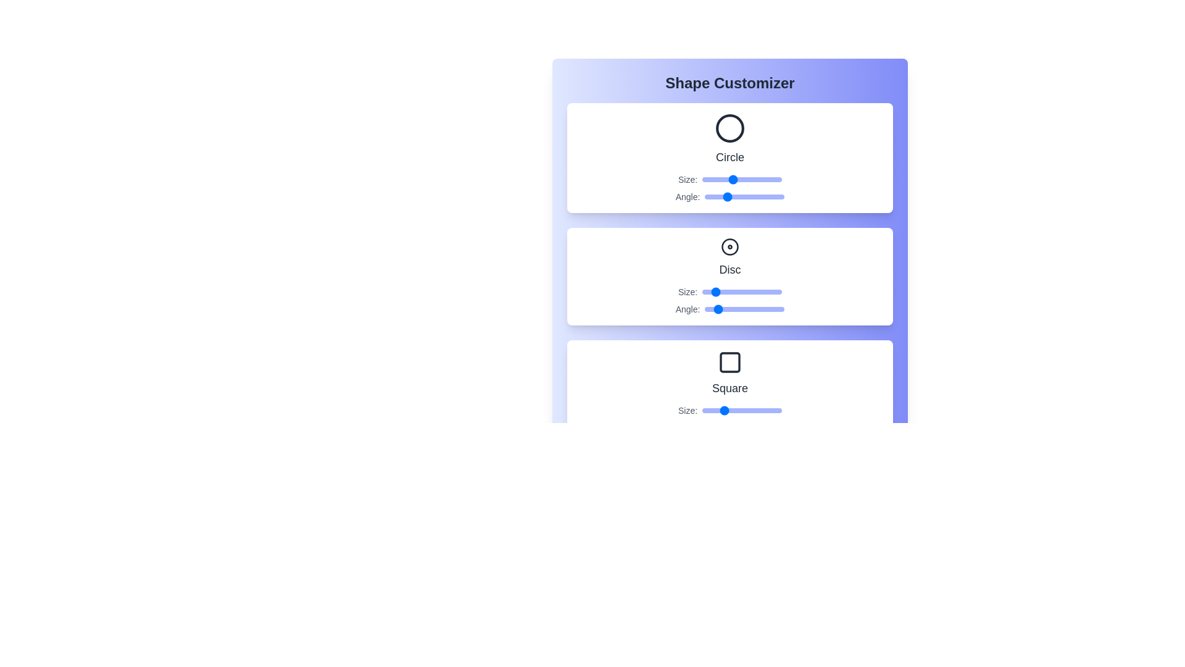 This screenshot has width=1185, height=667. Describe the element at coordinates (770, 427) in the screenshot. I see `the Square's angle slider to 298 degrees` at that location.